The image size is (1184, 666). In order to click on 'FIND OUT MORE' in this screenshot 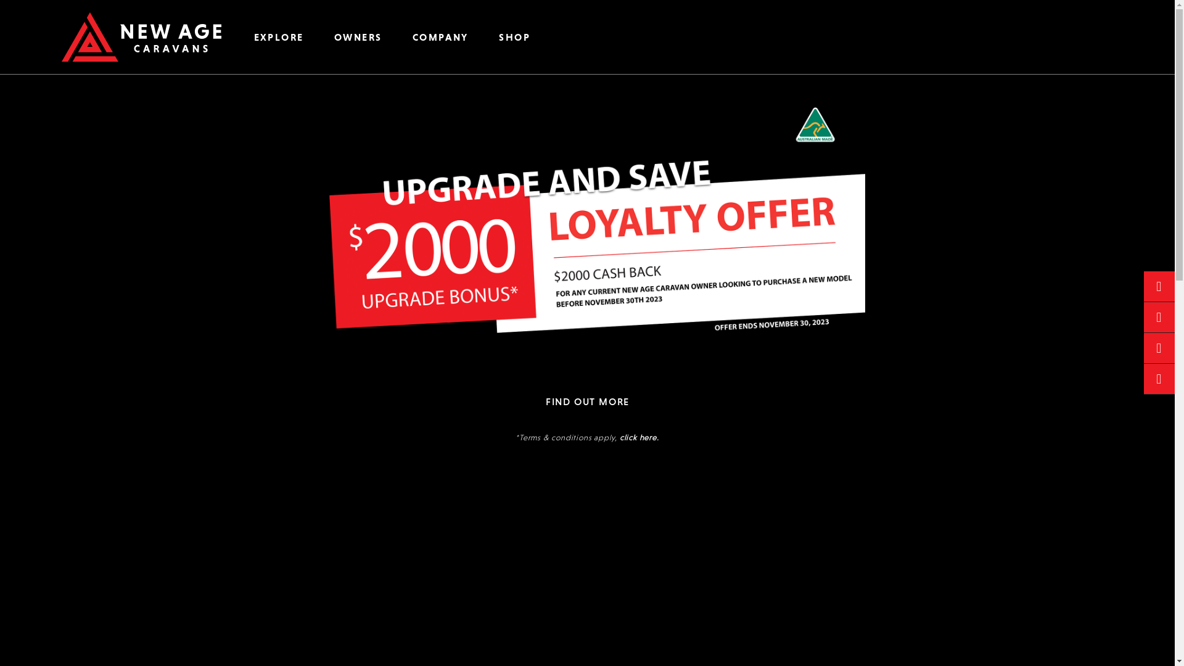, I will do `click(586, 401)`.